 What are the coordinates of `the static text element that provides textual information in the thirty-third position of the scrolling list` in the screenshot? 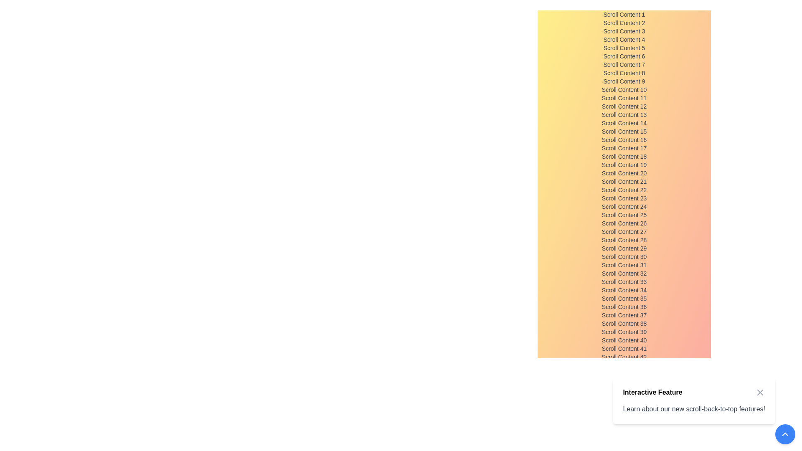 It's located at (624, 282).